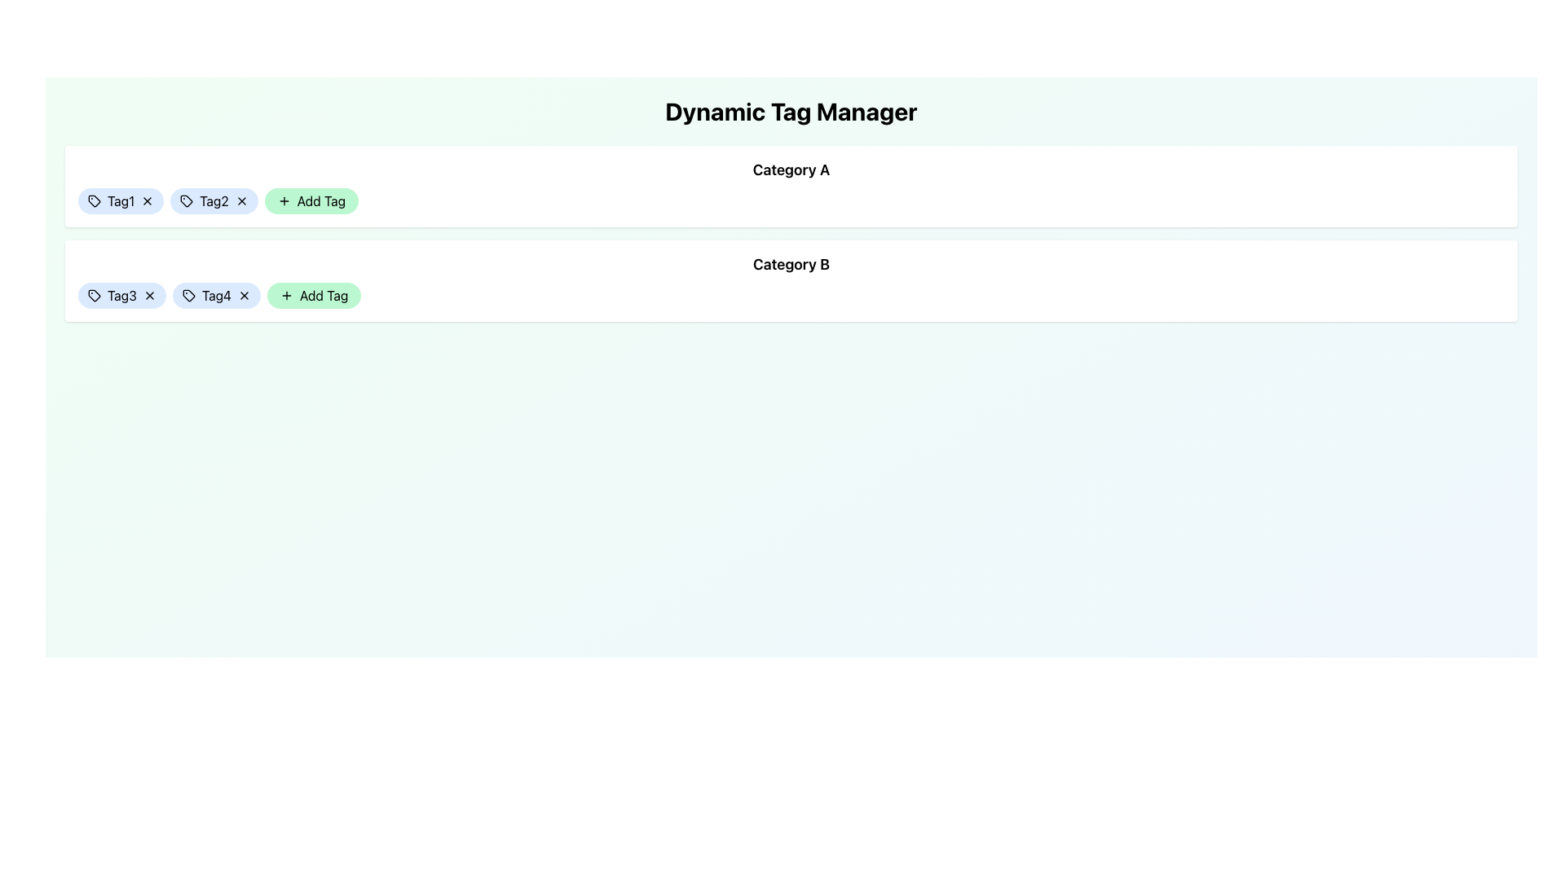 The height and width of the screenshot is (880, 1565). Describe the element at coordinates (187, 200) in the screenshot. I see `the tag icon located to the left of the text 'Tag2' within the light blue rounded rectangular box in the second position under 'Category A'` at that location.